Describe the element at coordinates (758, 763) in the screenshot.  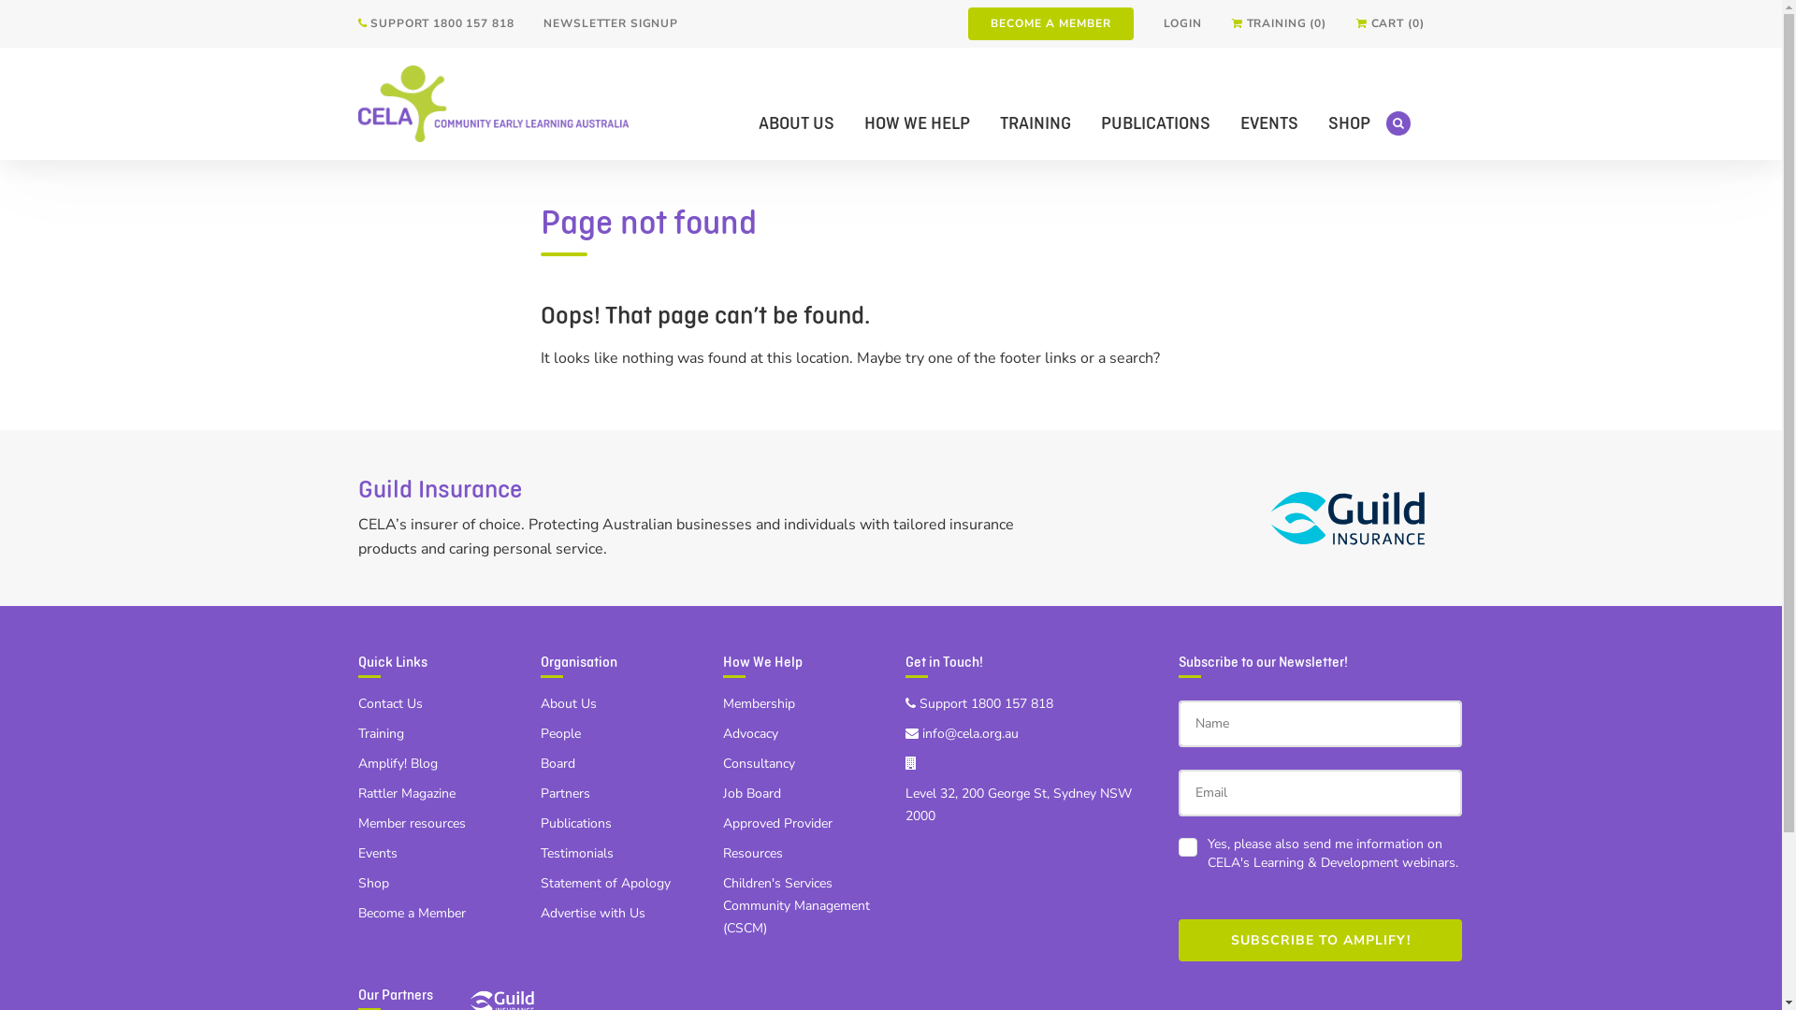
I see `'Consultancy'` at that location.